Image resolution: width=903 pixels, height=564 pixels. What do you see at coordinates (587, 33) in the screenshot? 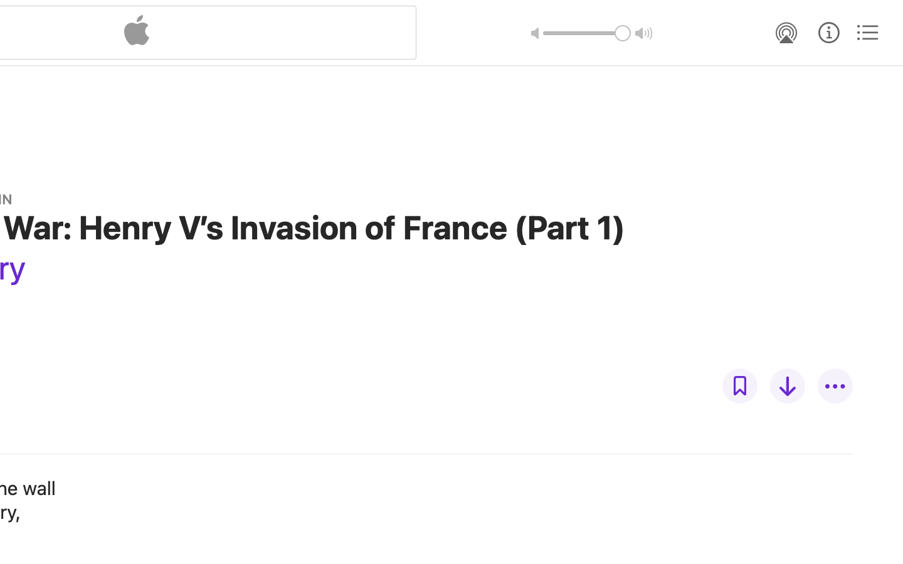
I see `'1.0'` at bounding box center [587, 33].